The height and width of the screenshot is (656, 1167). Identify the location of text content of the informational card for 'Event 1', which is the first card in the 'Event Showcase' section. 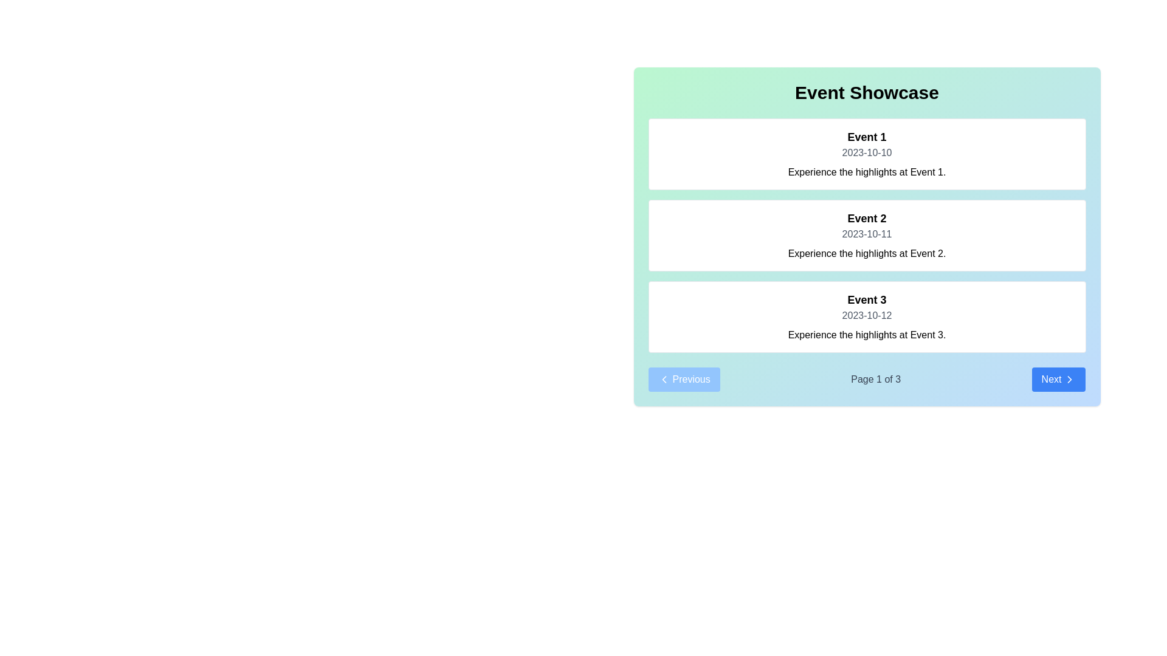
(866, 154).